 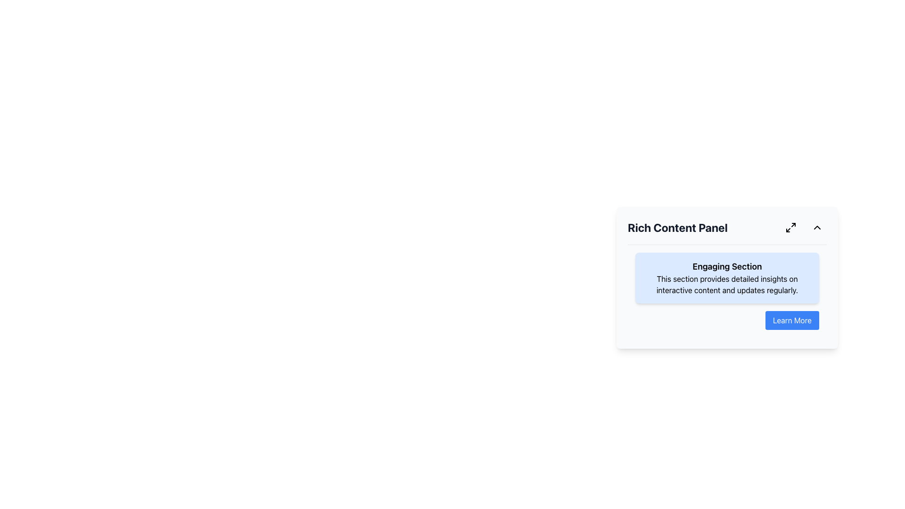 I want to click on the Text label that serves as a header or title for the content section, located at the top of the light blue box above the description text, so click(x=726, y=267).